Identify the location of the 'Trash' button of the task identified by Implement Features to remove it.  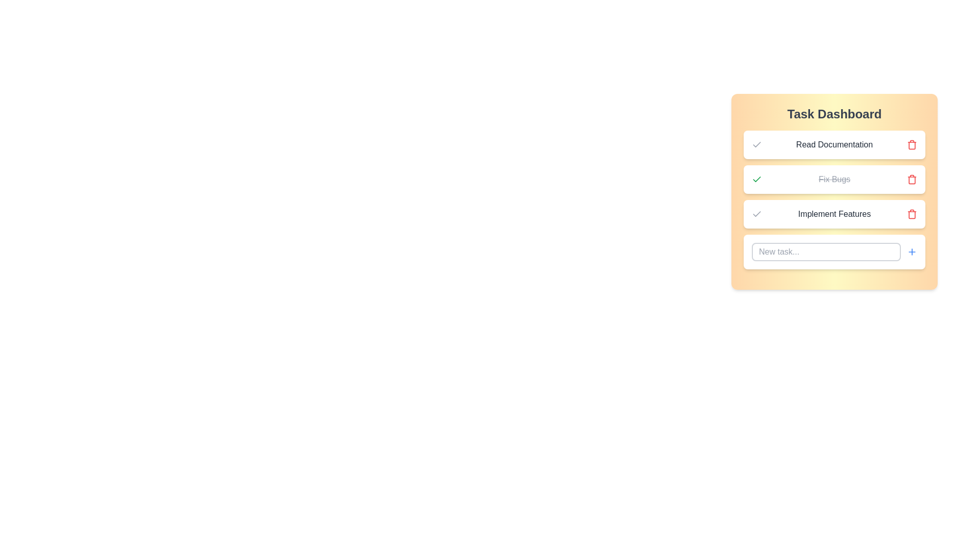
(912, 214).